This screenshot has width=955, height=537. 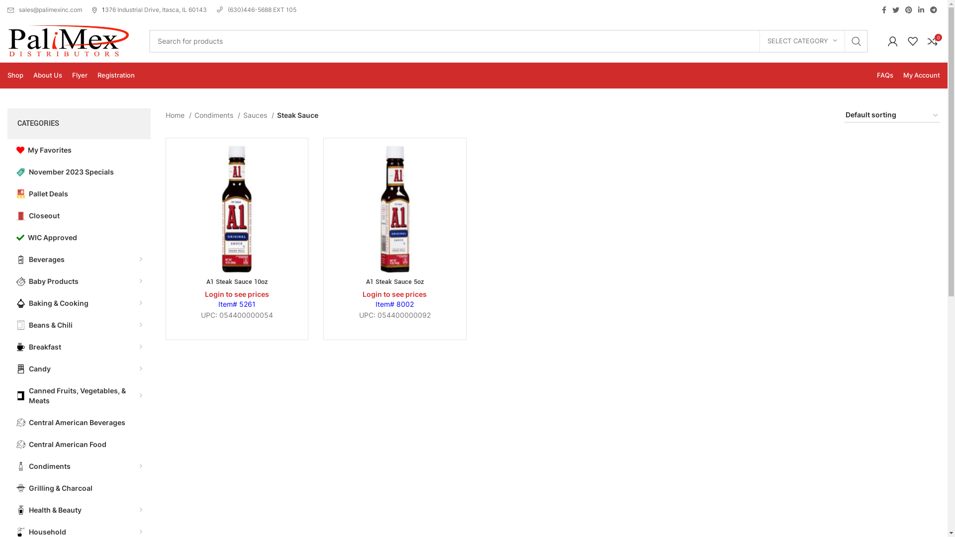 I want to click on 'breakfast-hot-drink-coffee-svgrepo-com', so click(x=21, y=347).